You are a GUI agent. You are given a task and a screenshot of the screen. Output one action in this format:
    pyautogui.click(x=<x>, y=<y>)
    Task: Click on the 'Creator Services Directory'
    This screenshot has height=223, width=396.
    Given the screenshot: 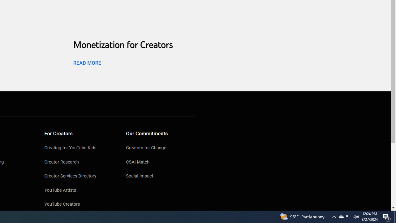 What is the action you would take?
    pyautogui.click(x=79, y=177)
    